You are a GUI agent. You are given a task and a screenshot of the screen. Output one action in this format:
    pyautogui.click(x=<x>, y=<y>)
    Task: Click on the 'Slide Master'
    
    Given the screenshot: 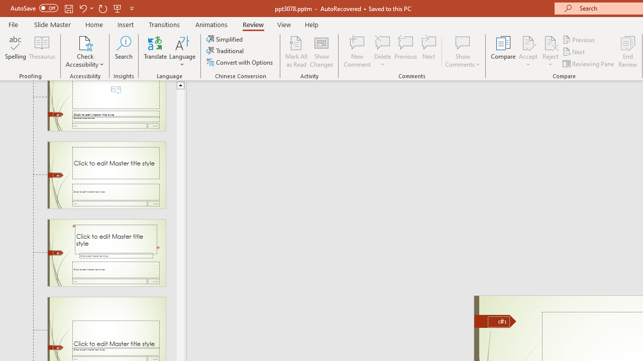 What is the action you would take?
    pyautogui.click(x=52, y=24)
    